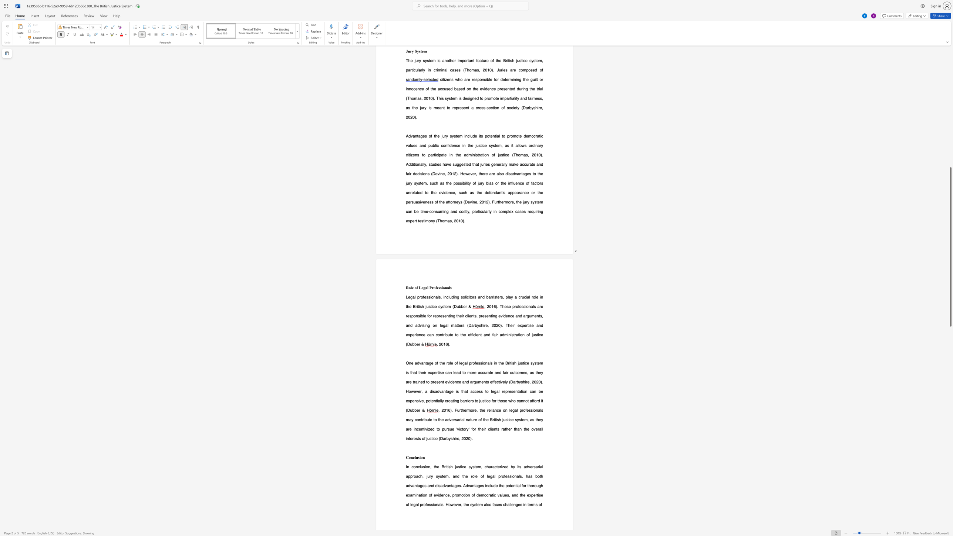 Image resolution: width=953 pixels, height=536 pixels. Describe the element at coordinates (452, 306) in the screenshot. I see `the subset text "(D" within the text "(Dubber &"` at that location.